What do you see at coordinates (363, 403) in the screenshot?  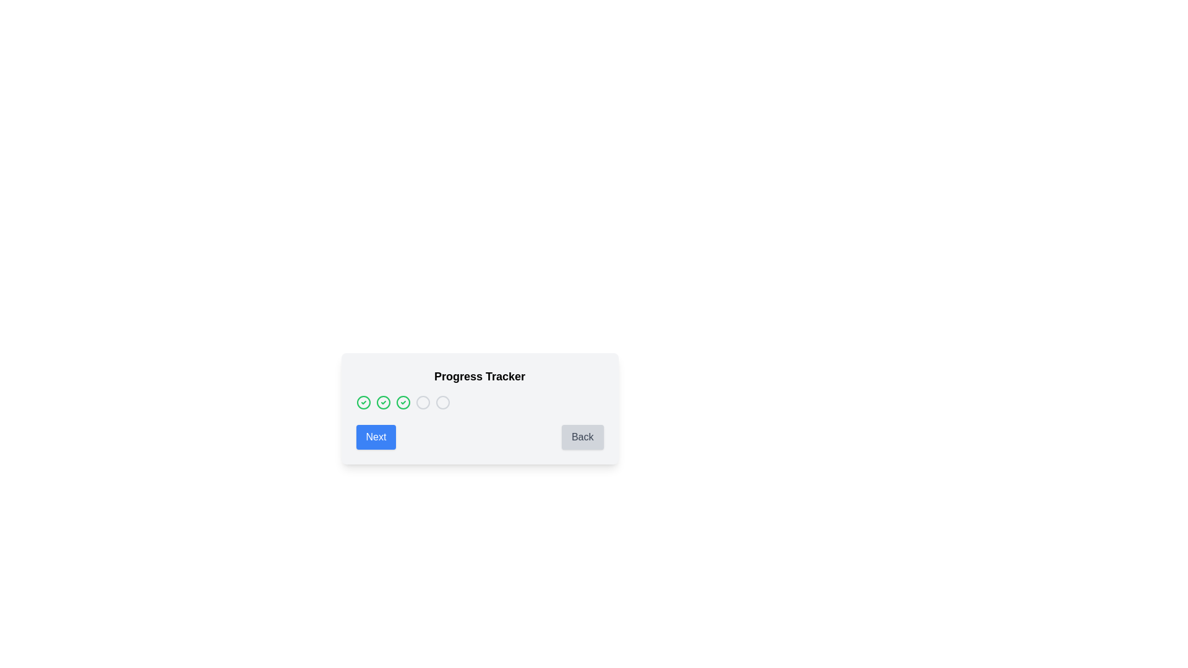 I see `the status represented by the circular icon with a green border and a check mark, located in the second position of the progress tracker interface` at bounding box center [363, 403].